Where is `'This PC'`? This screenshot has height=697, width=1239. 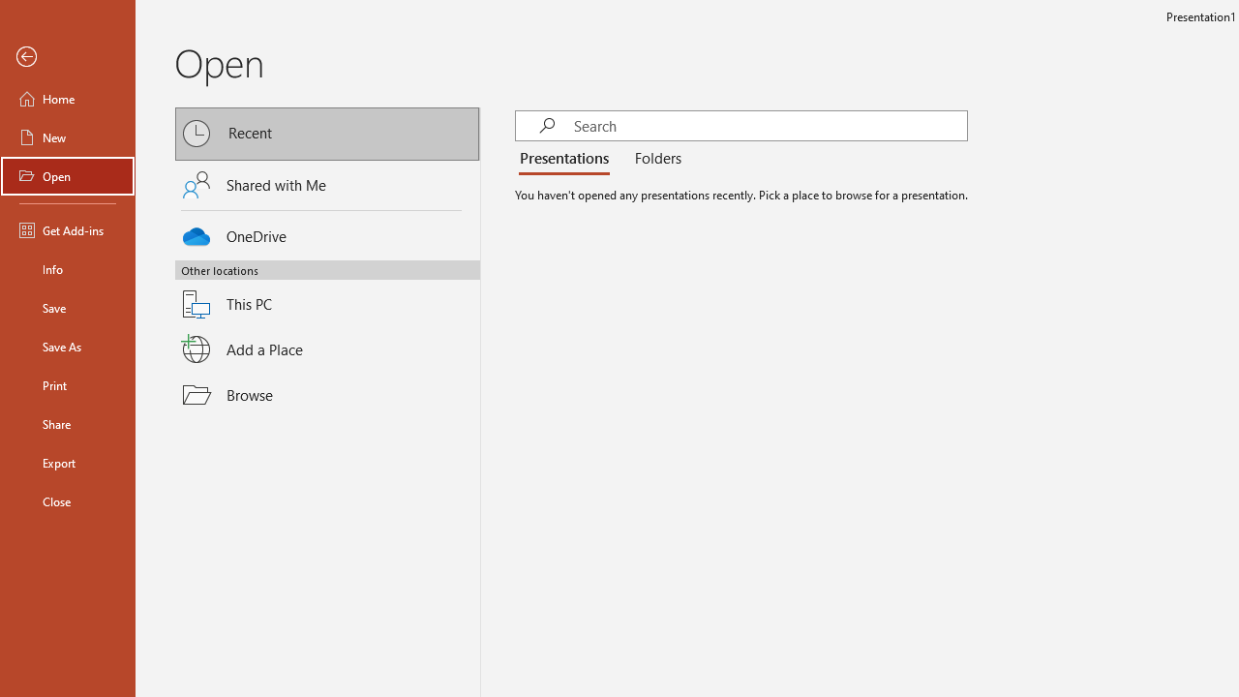 'This PC' is located at coordinates (327, 292).